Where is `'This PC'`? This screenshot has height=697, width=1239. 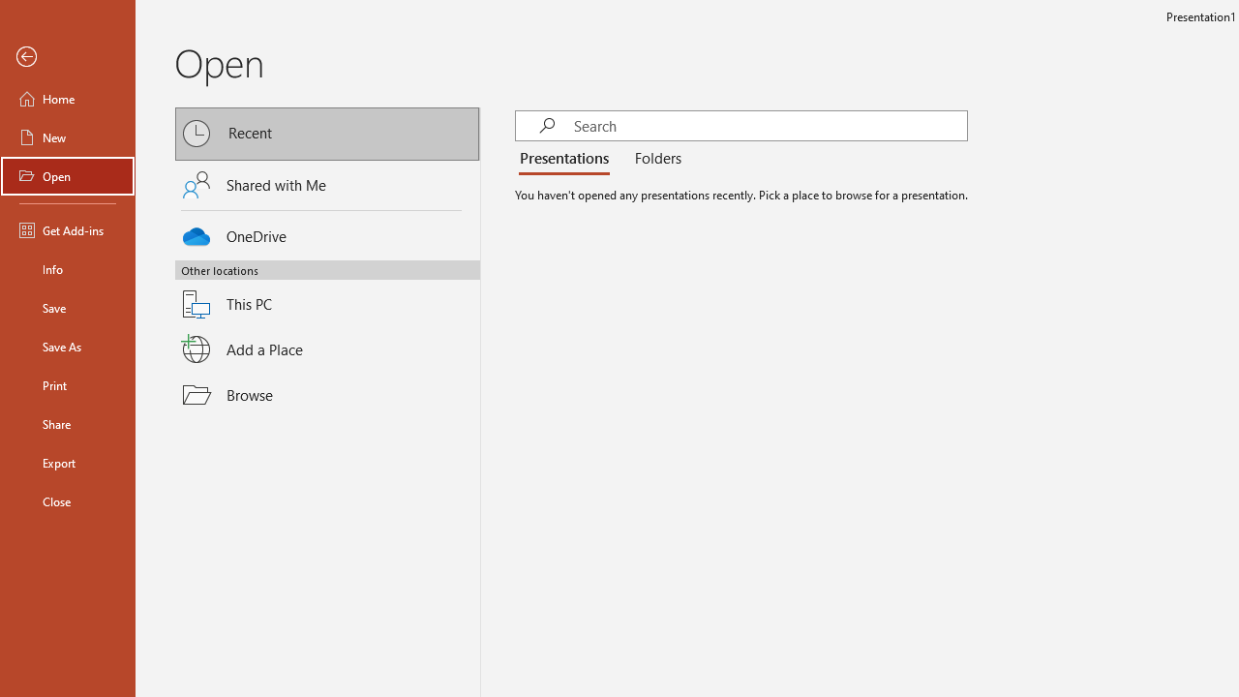 'This PC' is located at coordinates (327, 292).